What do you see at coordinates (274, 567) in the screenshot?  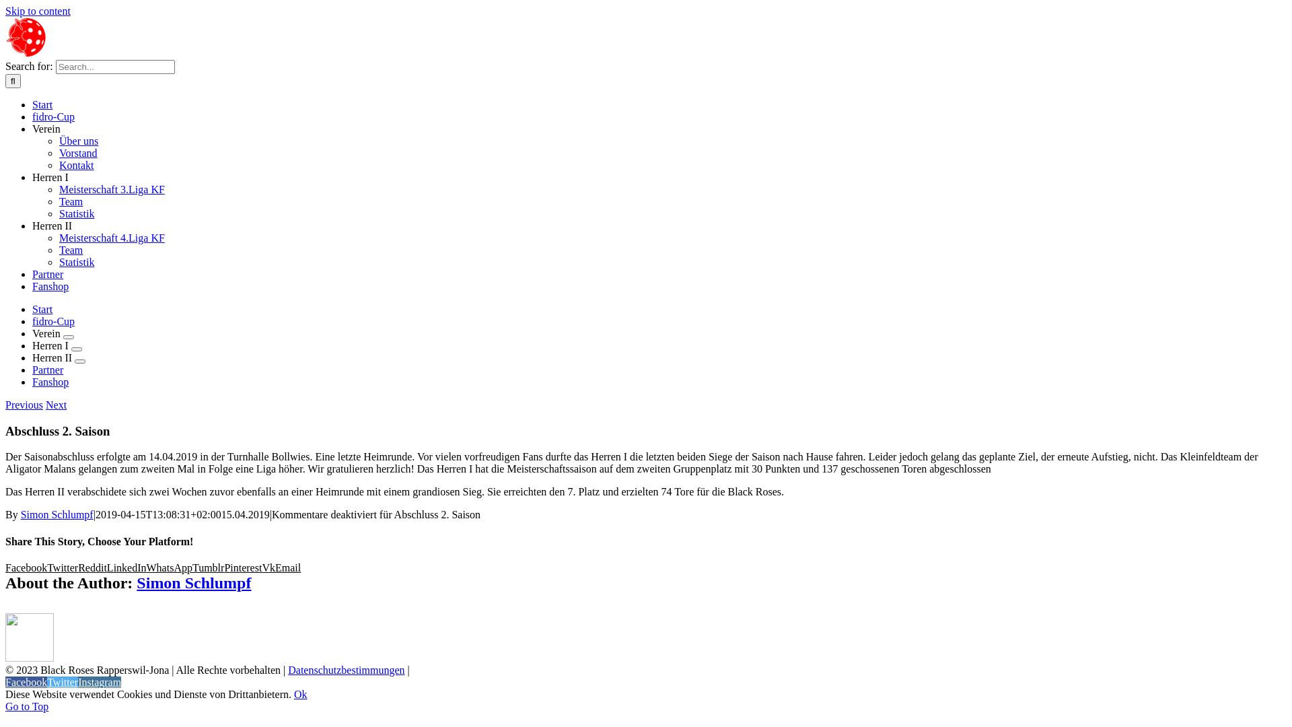 I see `'Email'` at bounding box center [274, 567].